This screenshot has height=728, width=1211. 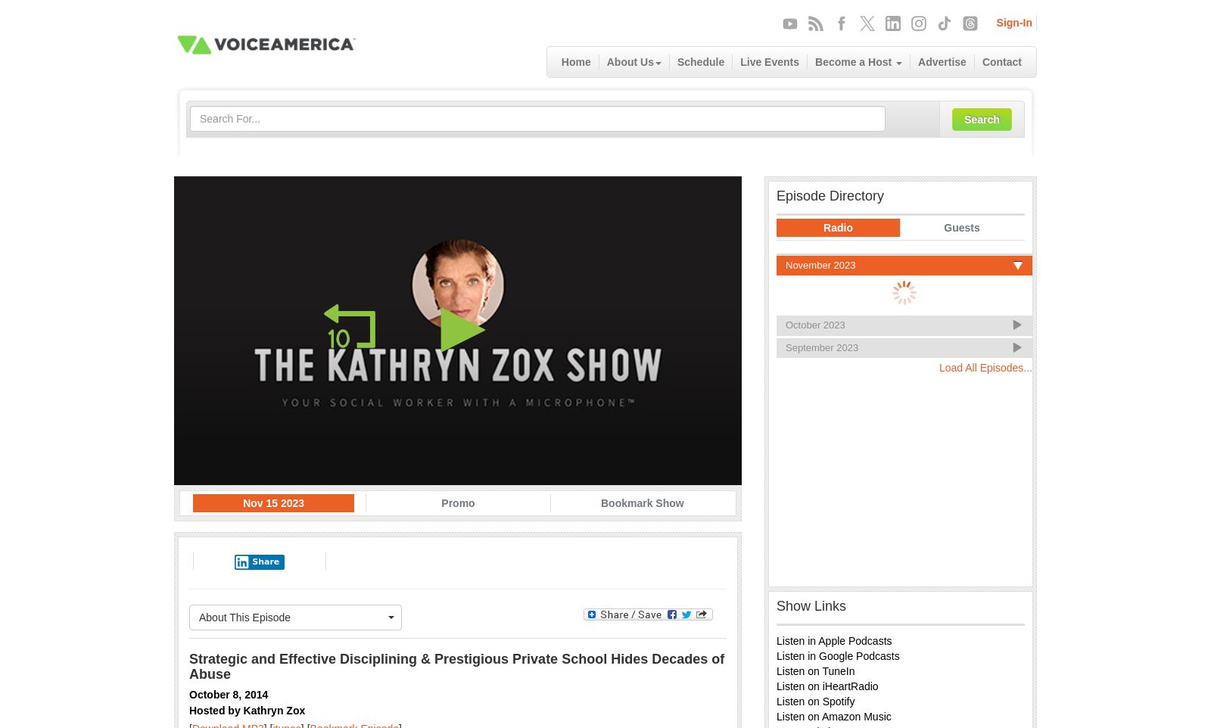 What do you see at coordinates (242, 502) in the screenshot?
I see `'Nov 15 2023'` at bounding box center [242, 502].